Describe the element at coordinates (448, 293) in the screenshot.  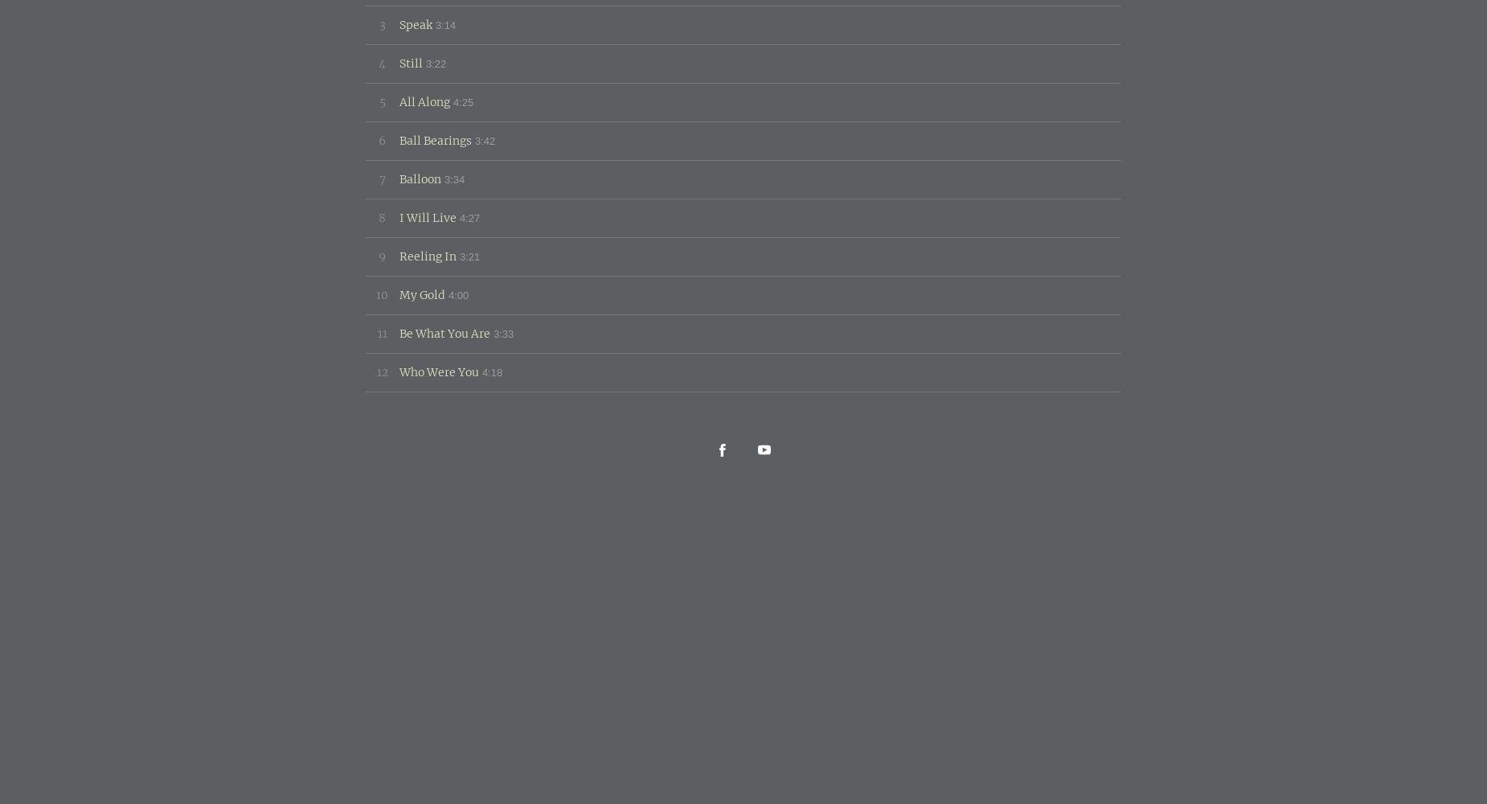
I see `'4:00'` at that location.